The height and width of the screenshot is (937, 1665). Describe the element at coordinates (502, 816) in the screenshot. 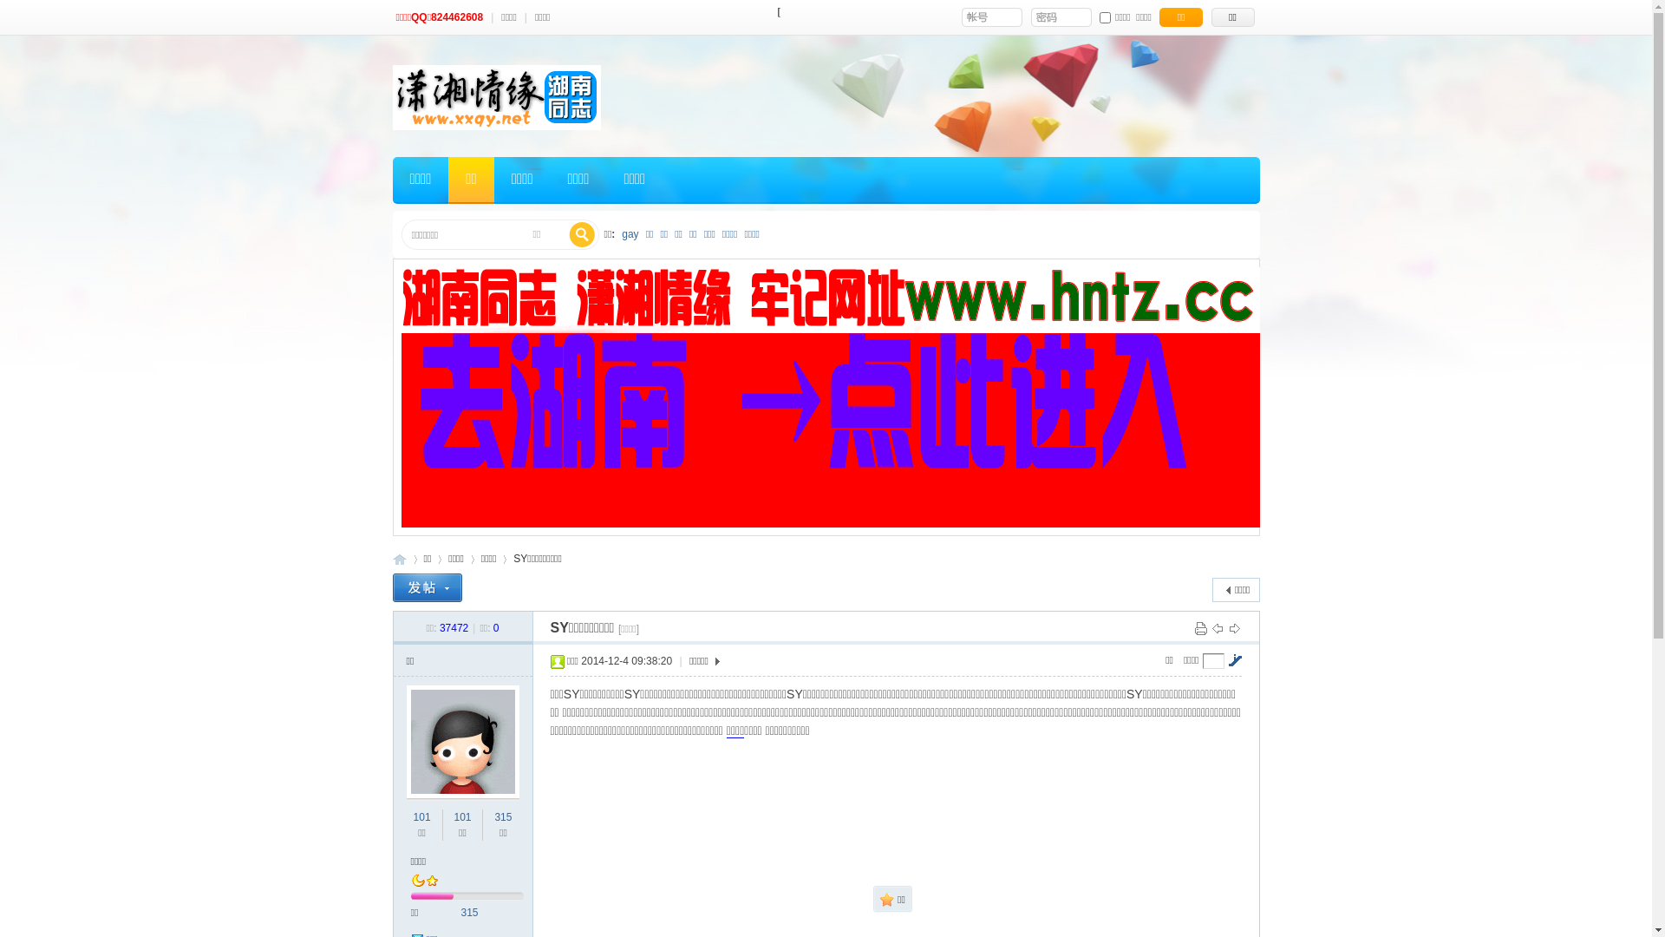

I see `'315'` at that location.